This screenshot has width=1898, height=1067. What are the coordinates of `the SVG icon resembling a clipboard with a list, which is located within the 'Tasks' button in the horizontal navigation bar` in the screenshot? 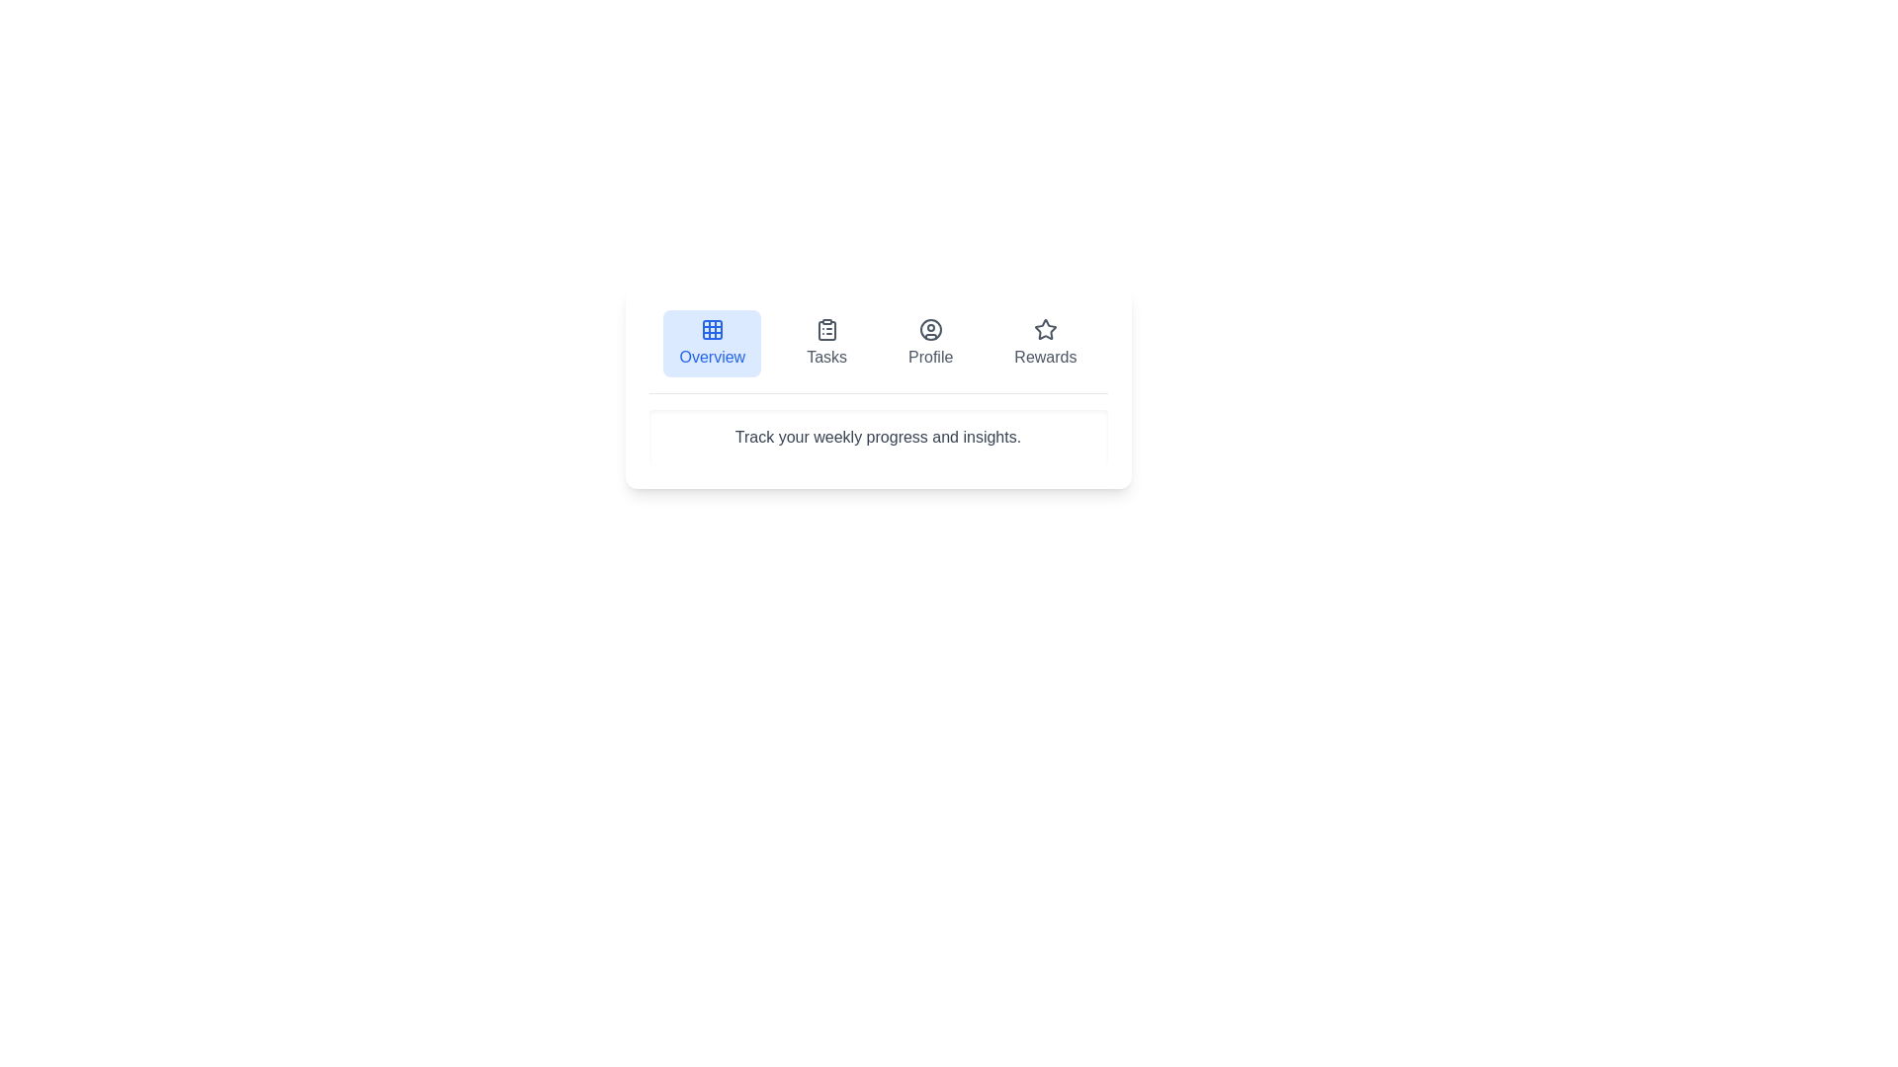 It's located at (826, 329).